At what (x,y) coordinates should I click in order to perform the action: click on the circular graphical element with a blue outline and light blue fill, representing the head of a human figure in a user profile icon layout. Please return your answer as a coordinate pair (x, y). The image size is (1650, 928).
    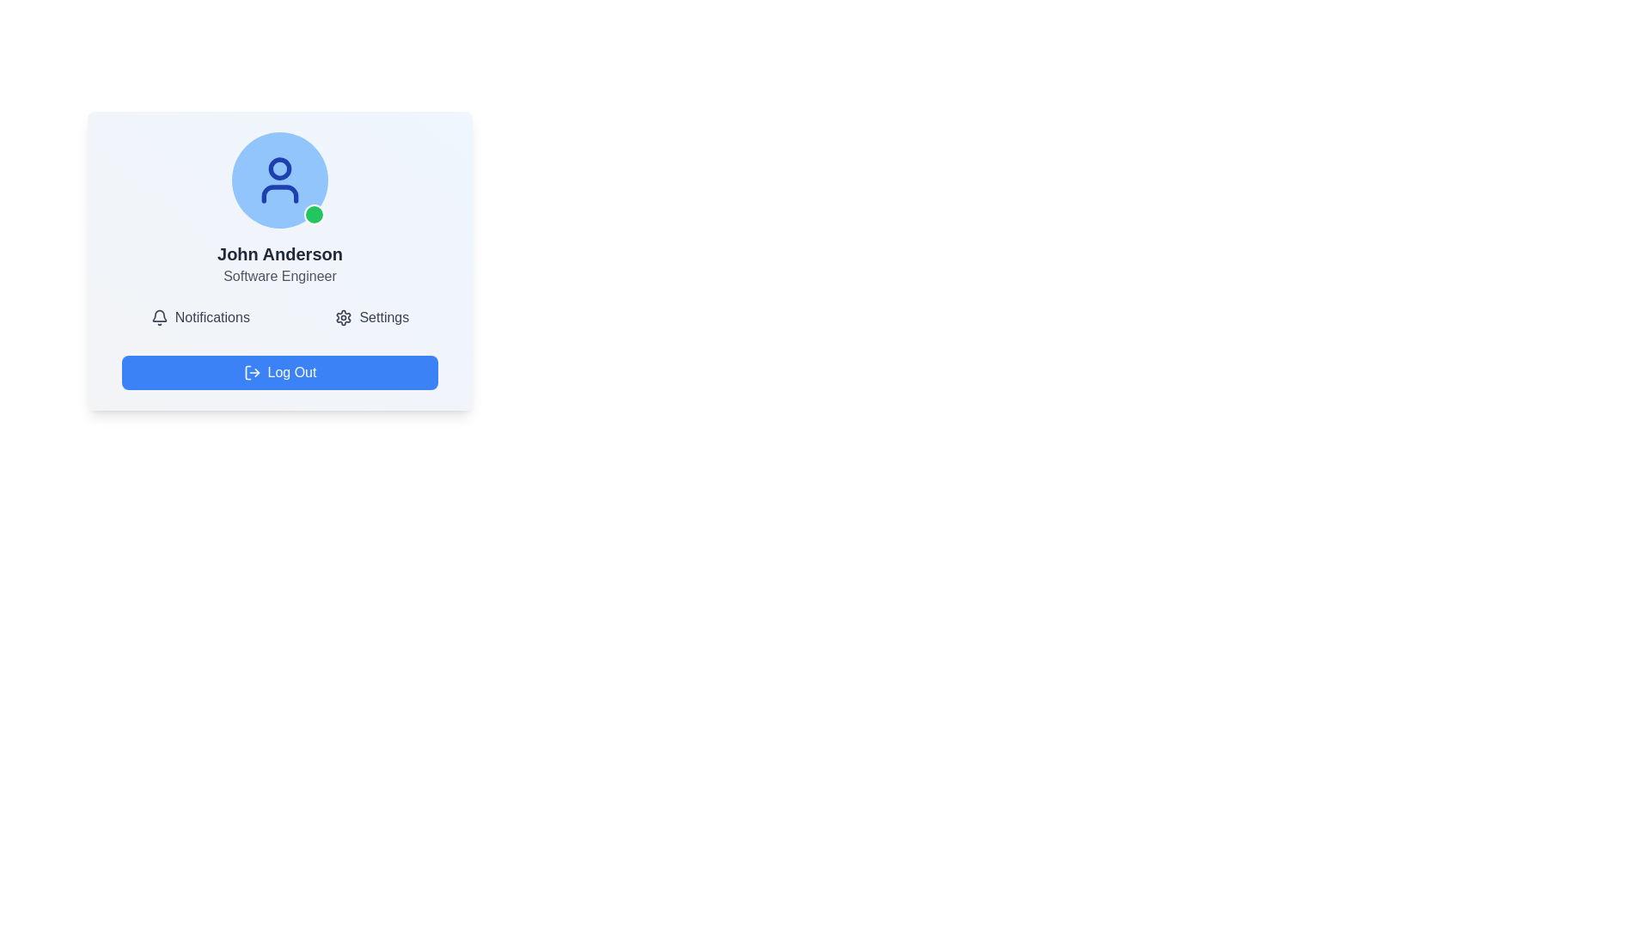
    Looking at the image, I should click on (280, 168).